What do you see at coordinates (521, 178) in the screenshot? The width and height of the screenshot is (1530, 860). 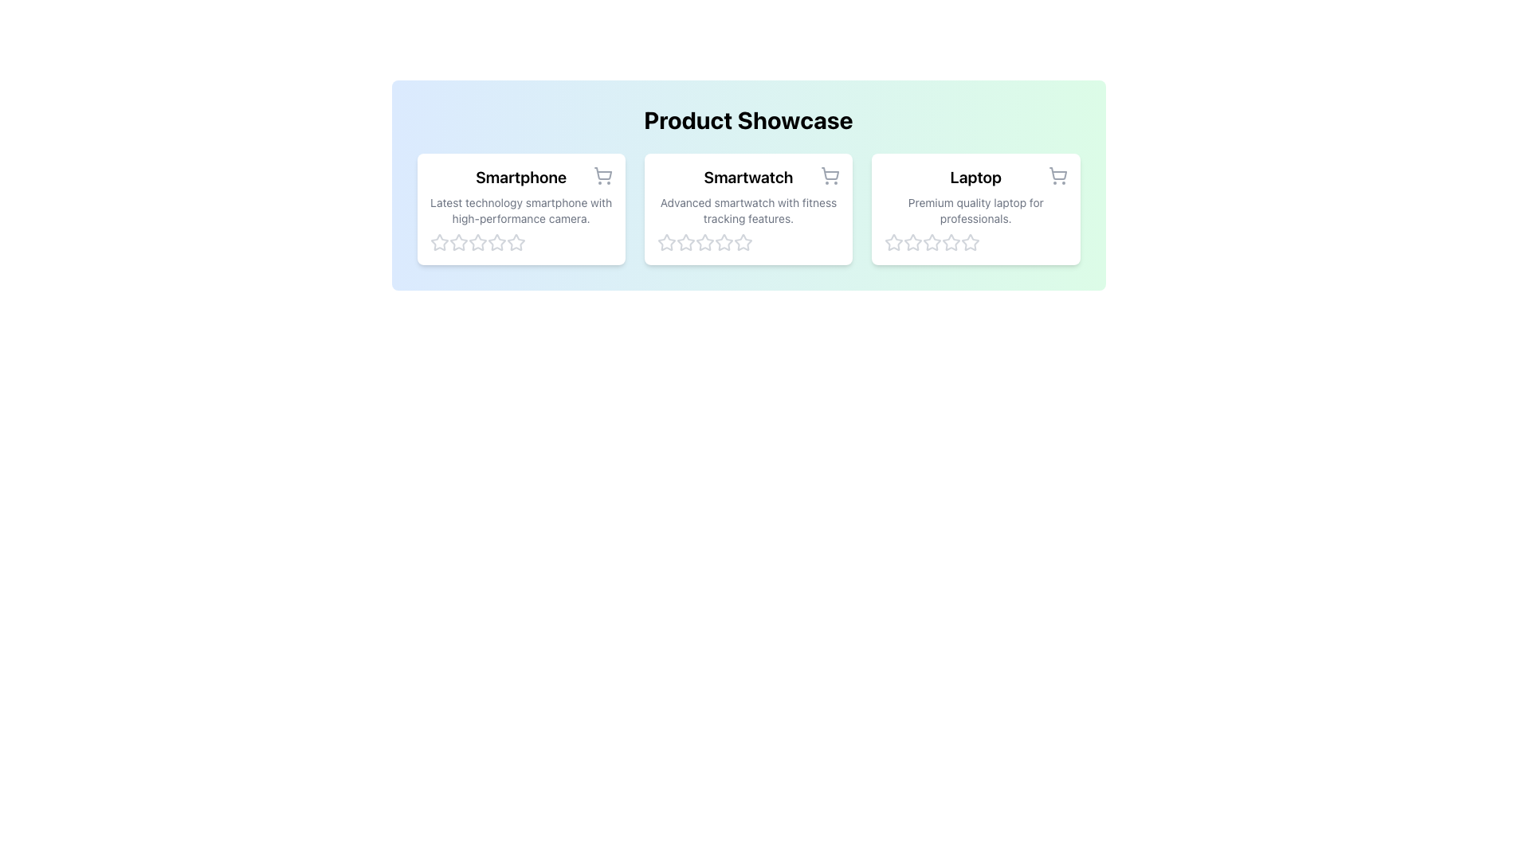 I see `bold text label 'Smartphone' located at the top of the first product card in the product showcase section` at bounding box center [521, 178].